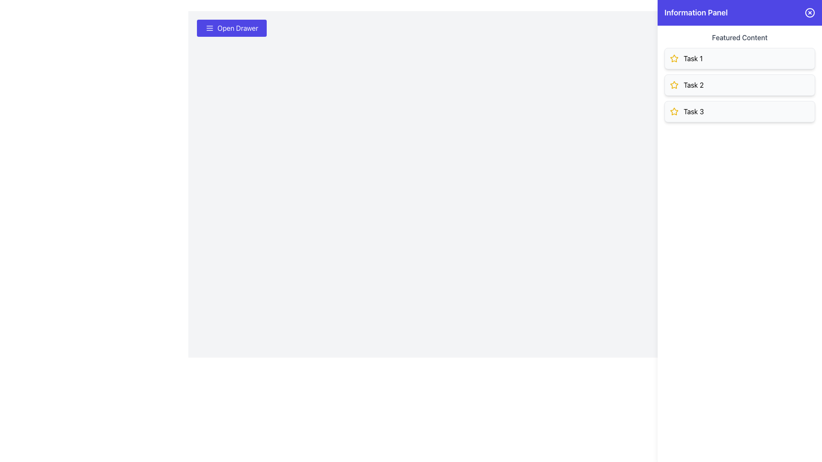 The height and width of the screenshot is (462, 822). I want to click on the close button located at the top-right corner of the 'Information Panel', so click(809, 13).